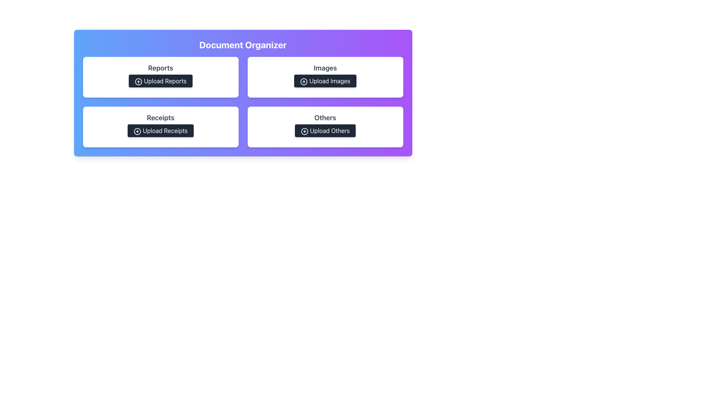 This screenshot has width=725, height=407. What do you see at coordinates (160, 118) in the screenshot?
I see `the text header labeled 'Receipts', which is bold, medium-large, and grayish, located above the 'Upload Receipts' button within a rounded white card` at bounding box center [160, 118].